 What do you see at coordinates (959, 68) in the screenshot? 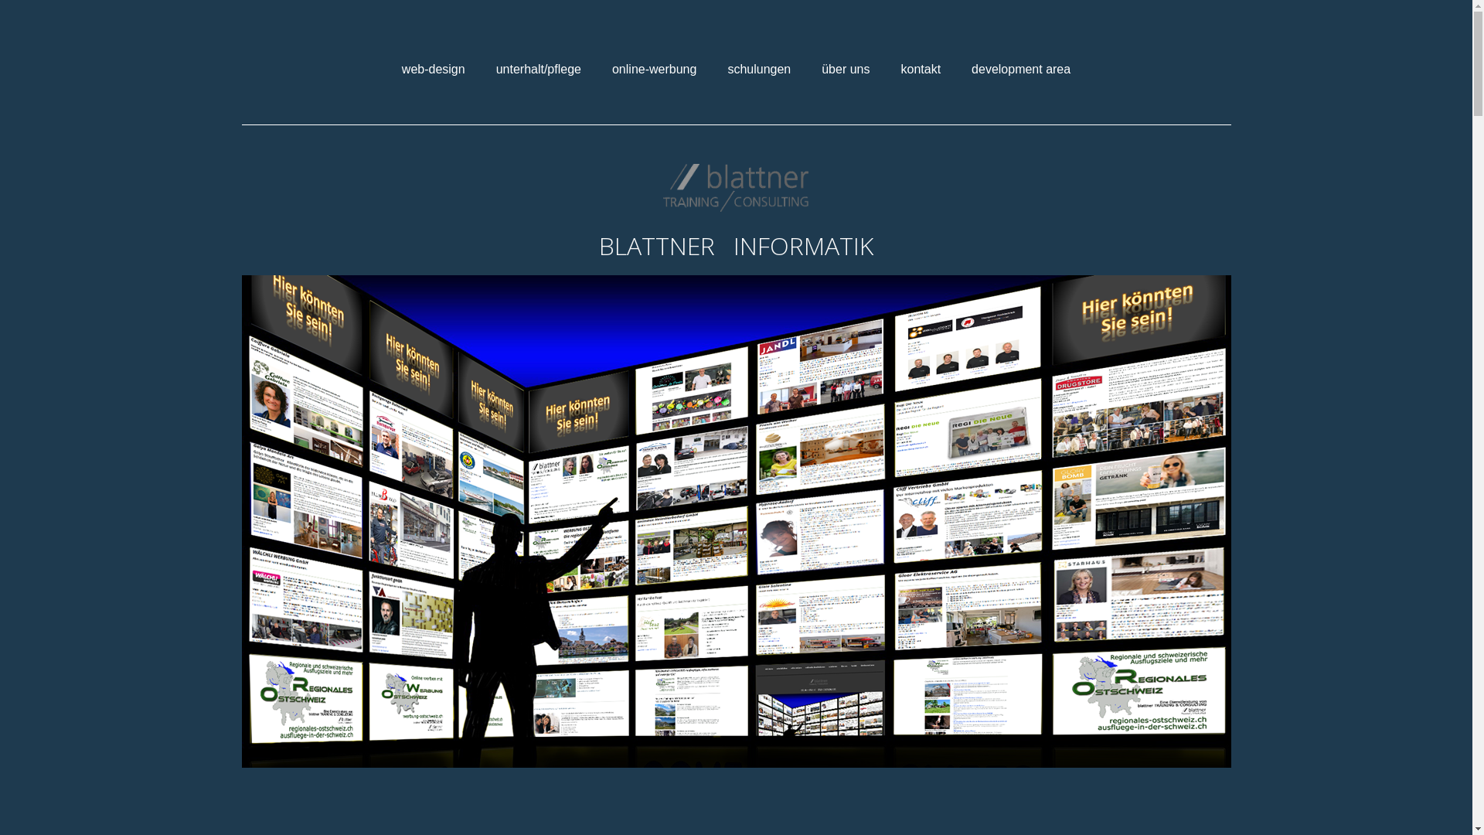
I see `'development area'` at bounding box center [959, 68].